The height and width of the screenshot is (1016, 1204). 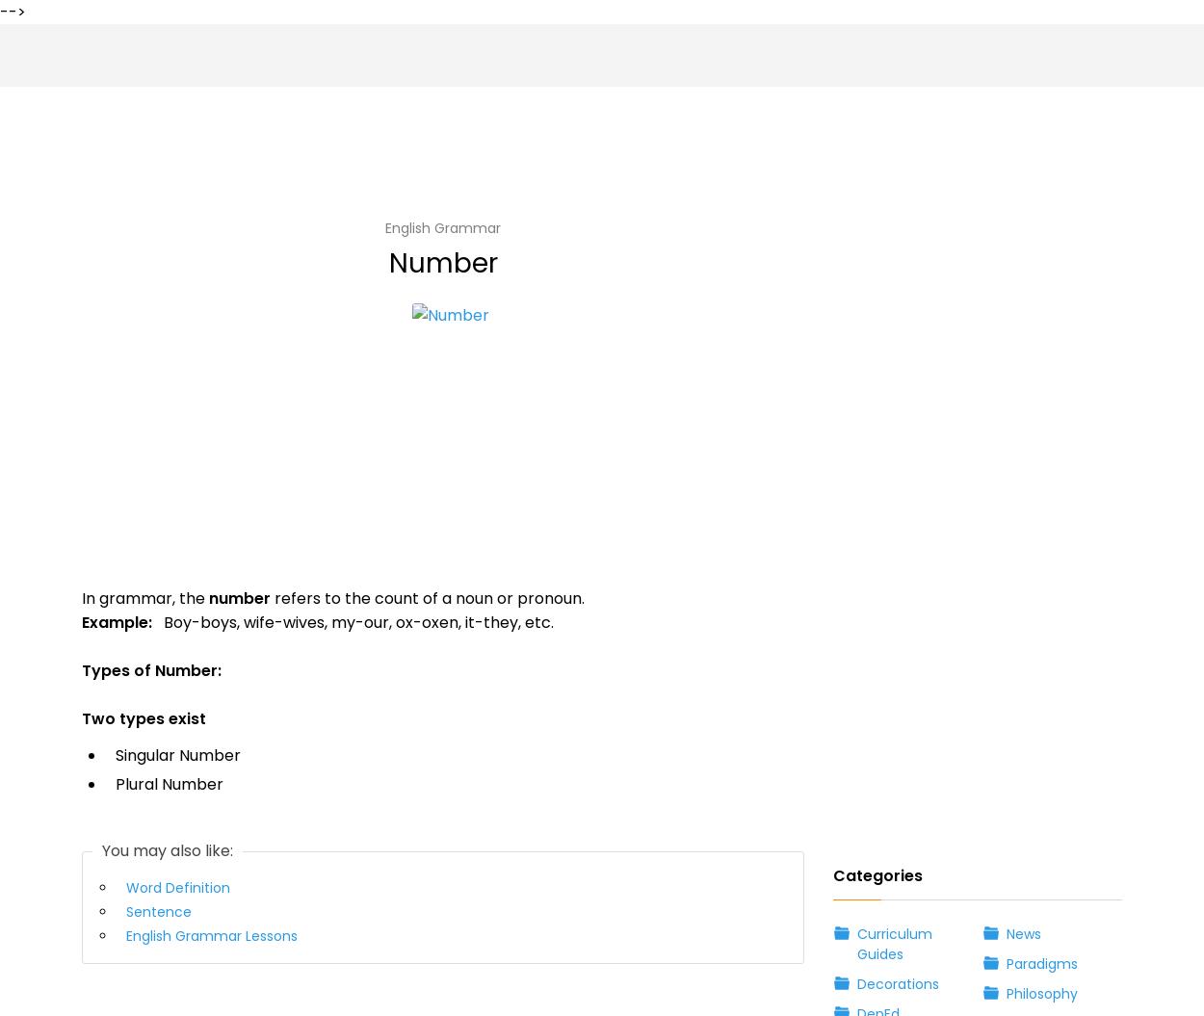 What do you see at coordinates (1008, 28) in the screenshot?
I see `'Subjects'` at bounding box center [1008, 28].